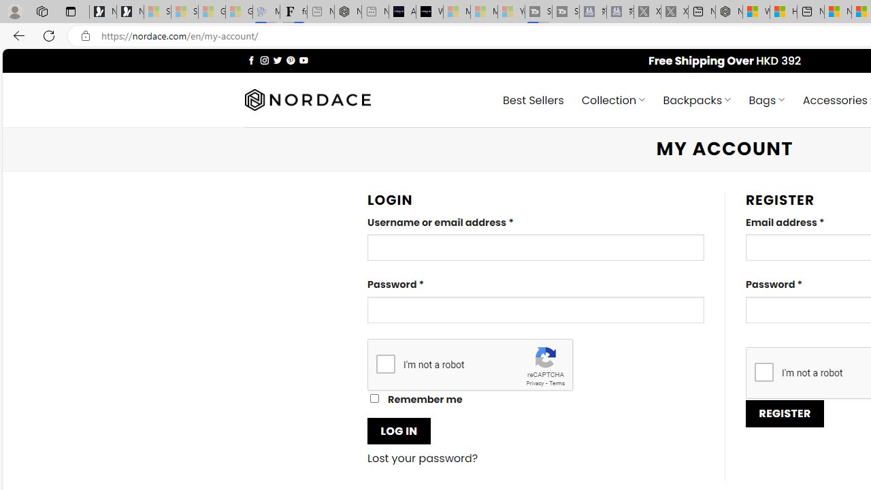 The image size is (871, 490). I want to click on 'Follow on Twitter', so click(276, 59).